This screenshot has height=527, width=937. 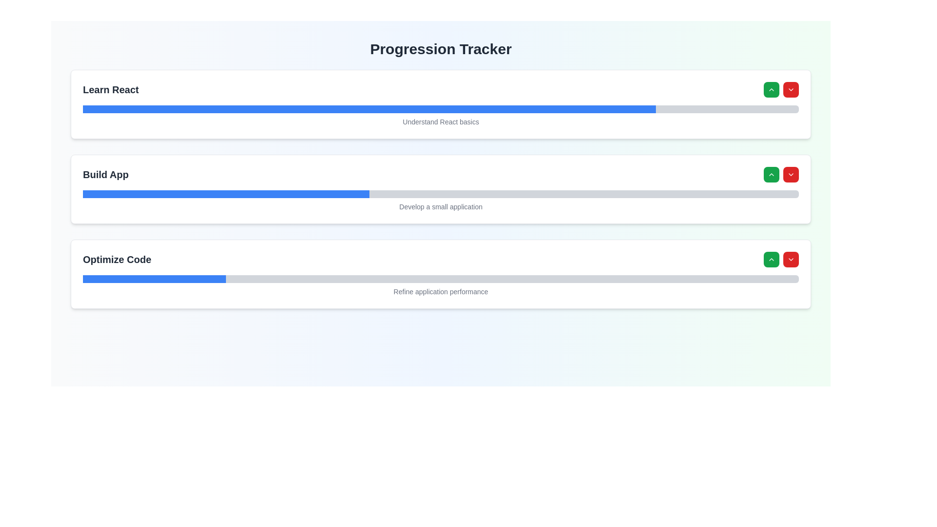 I want to click on the green button on the far left of the horizontal control panel, so click(x=771, y=174).